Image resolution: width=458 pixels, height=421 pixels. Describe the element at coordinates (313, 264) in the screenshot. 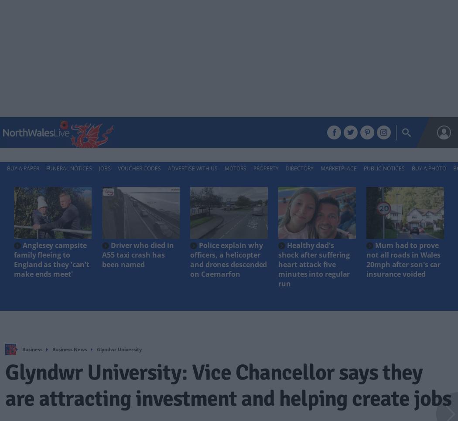

I see `'Healthy dad's shock after suffering heart attack five minutes into regular run'` at that location.